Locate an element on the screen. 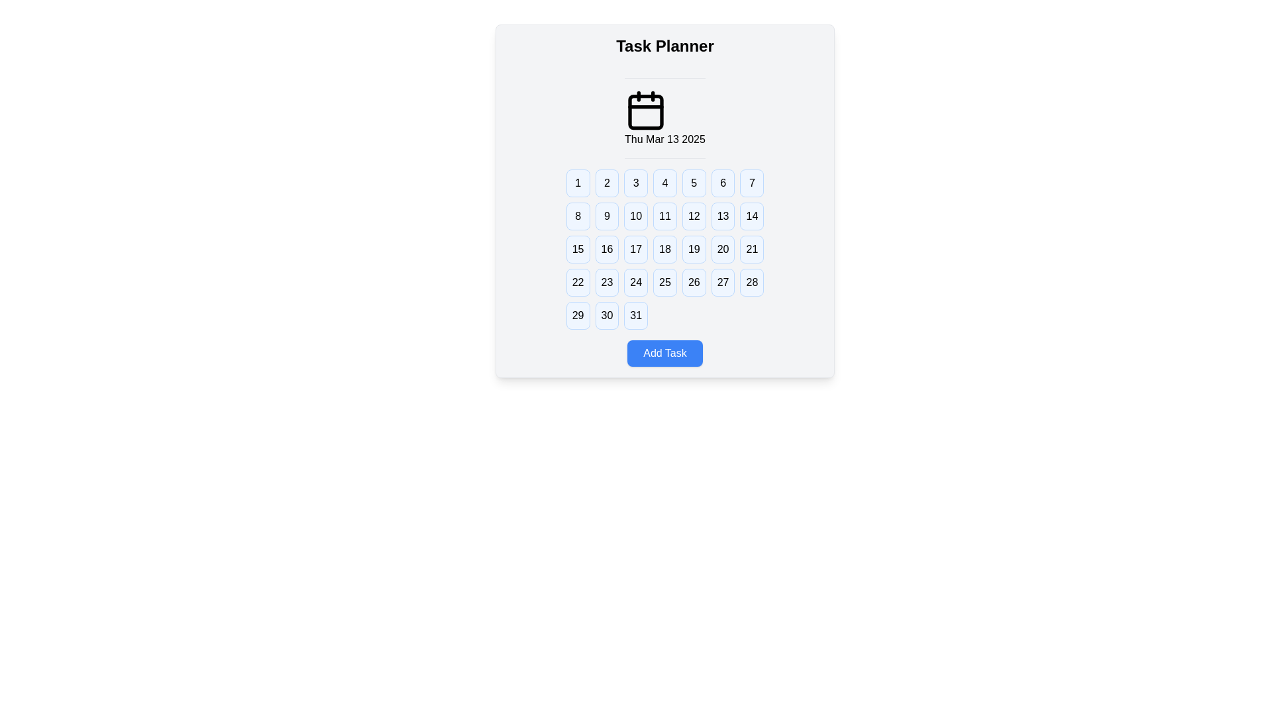  the calendar button representing the 13th day, located in the second row and sixth column of the calendar grid beneath the 'Task Planner' title is located at coordinates (722, 216).